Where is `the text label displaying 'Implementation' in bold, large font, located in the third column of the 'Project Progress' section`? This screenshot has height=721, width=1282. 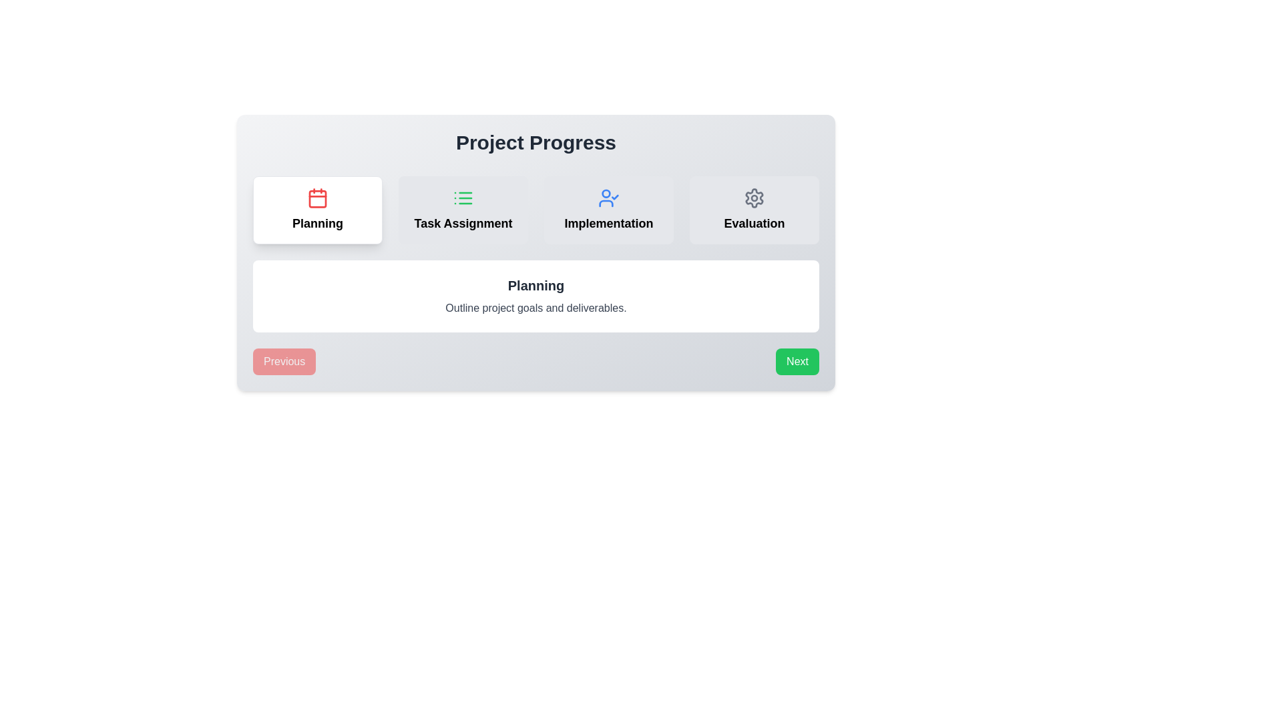 the text label displaying 'Implementation' in bold, large font, located in the third column of the 'Project Progress' section is located at coordinates (608, 223).